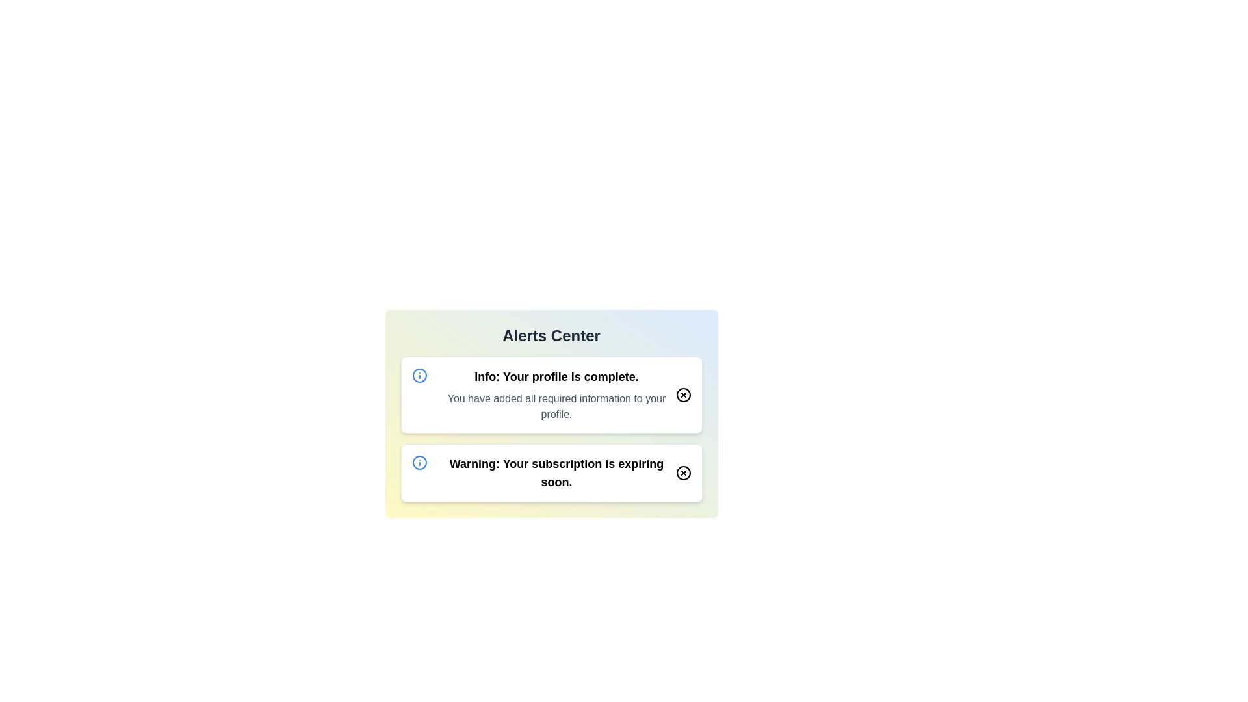 The width and height of the screenshot is (1248, 702). What do you see at coordinates (682, 395) in the screenshot?
I see `the Close icon to trigger its associated action` at bounding box center [682, 395].